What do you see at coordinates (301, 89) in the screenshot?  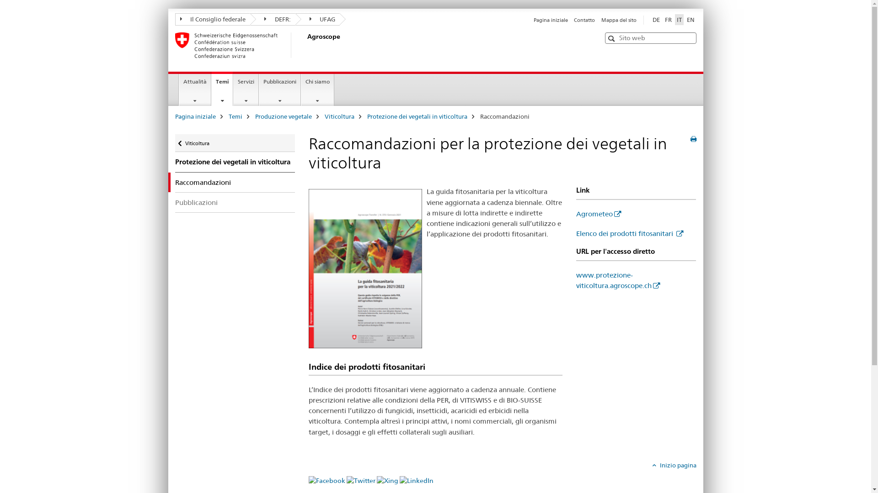 I see `'Chi siamo'` at bounding box center [301, 89].